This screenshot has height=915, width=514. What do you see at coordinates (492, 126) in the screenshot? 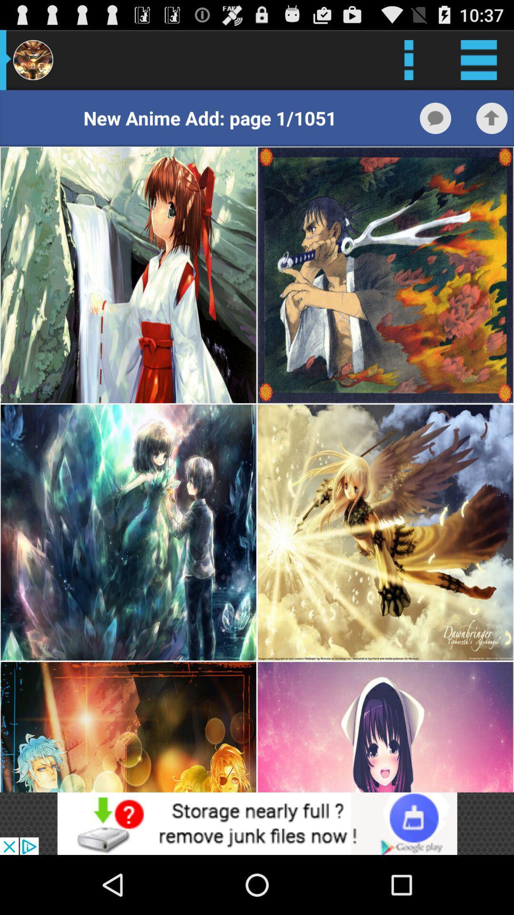
I see `the arrow_upward icon` at bounding box center [492, 126].